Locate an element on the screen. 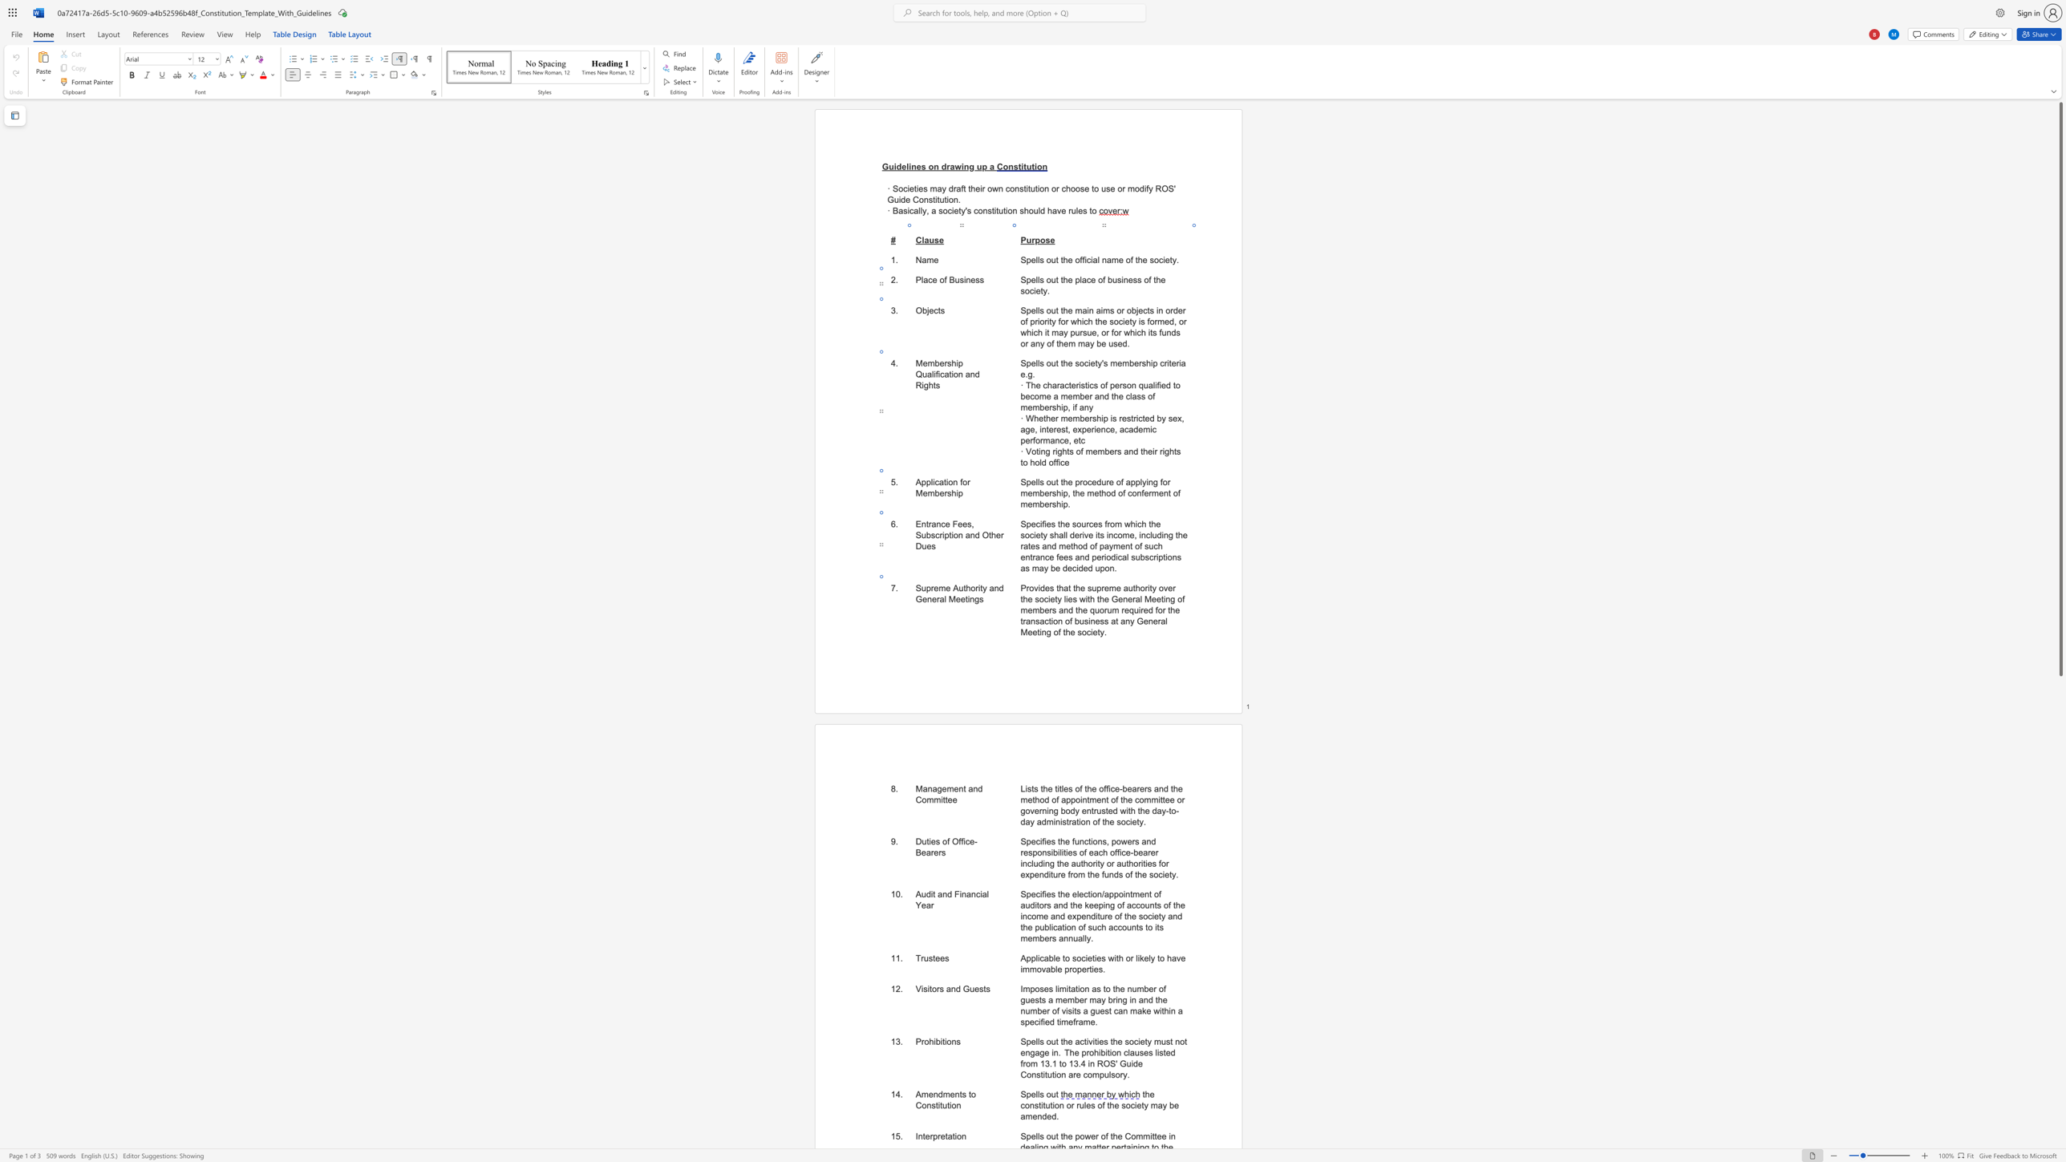 The width and height of the screenshot is (2066, 1162). the 2th character "n" in the text is located at coordinates (1129, 988).